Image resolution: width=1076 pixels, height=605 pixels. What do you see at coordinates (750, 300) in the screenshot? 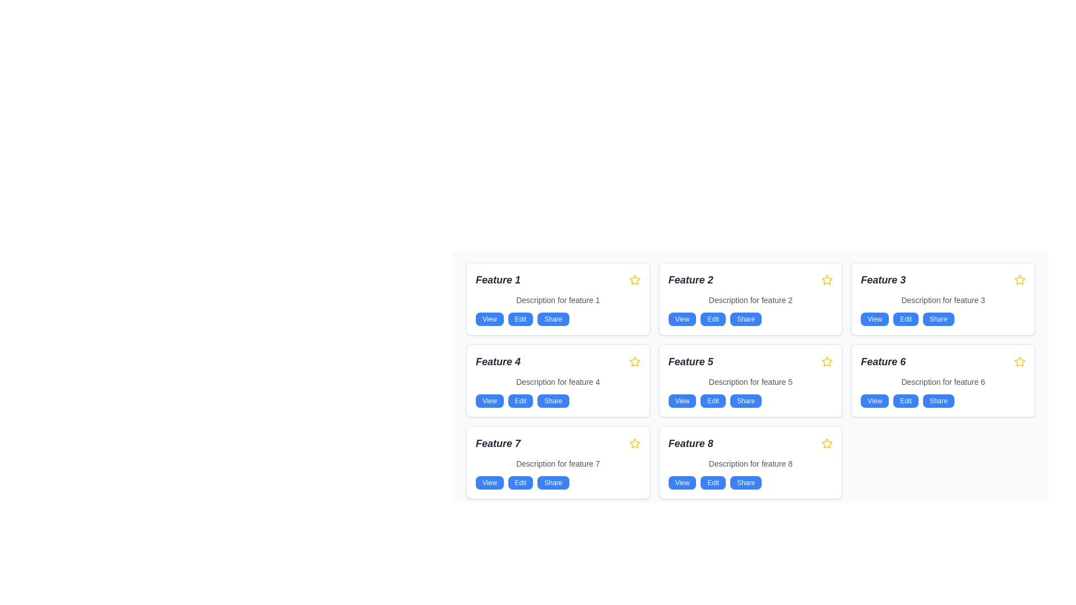
I see `text label that describes 'Feature 2', located below the title text and above the action buttons in its feature card` at bounding box center [750, 300].